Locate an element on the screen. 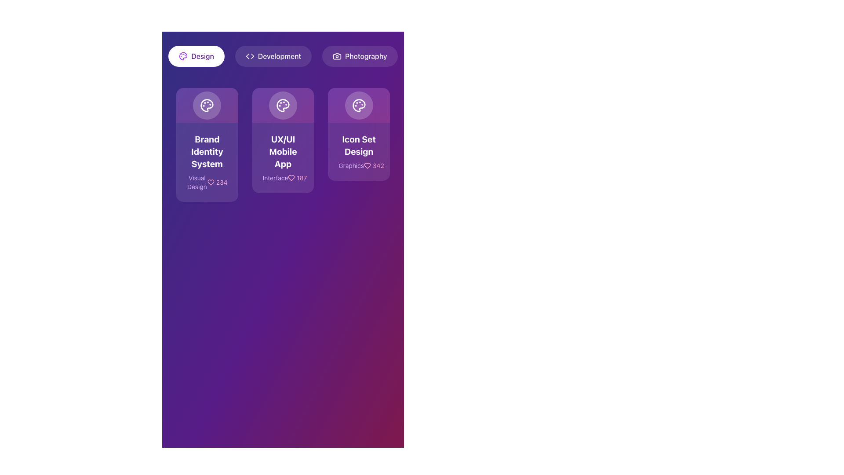  text from the purple 'Interface' label located underneath the 'UX/UI Mobile App' heading in the middle card of three horizontally arranged cards is located at coordinates (275, 178).